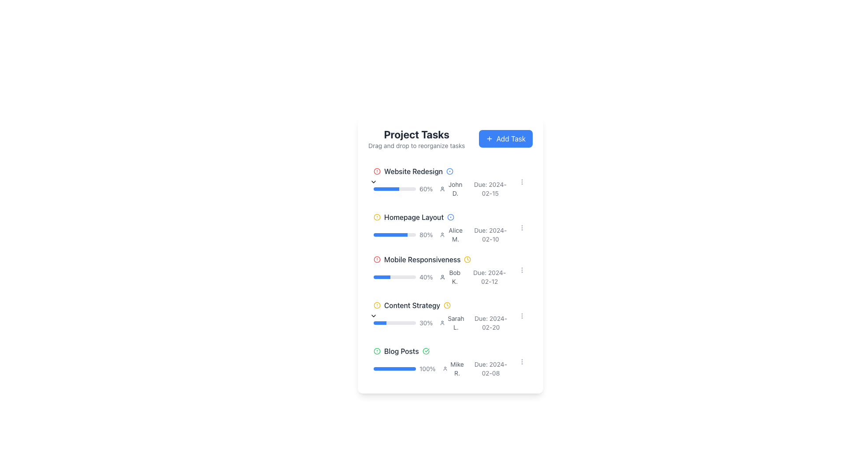 Image resolution: width=846 pixels, height=476 pixels. What do you see at coordinates (403, 234) in the screenshot?
I see `visually represented percentage of the progress bar associated with the task 'Homepage Layout', which is the second progress bar from the top in the task list, located left of the username 'Alice M.' and due date 'Due: 2024-02-10.'` at bounding box center [403, 234].